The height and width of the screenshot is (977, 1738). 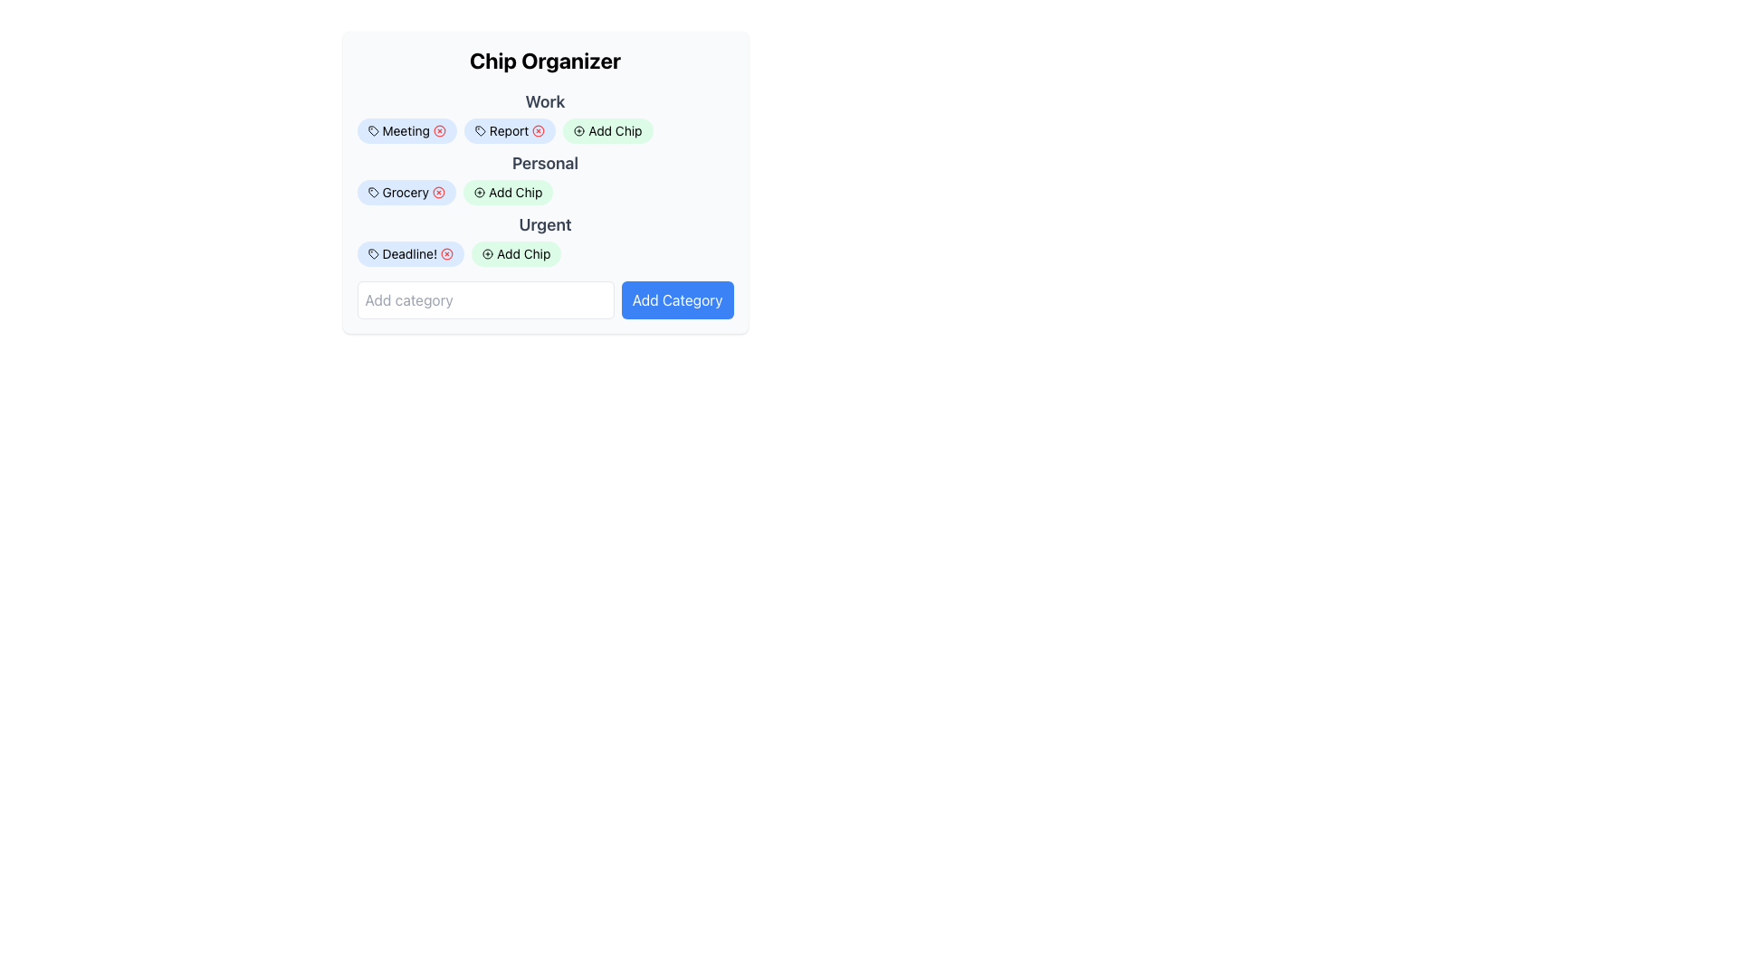 I want to click on the tag icon located to the left of the 'Report' text within the blue chip in the 'Work' section, so click(x=480, y=130).